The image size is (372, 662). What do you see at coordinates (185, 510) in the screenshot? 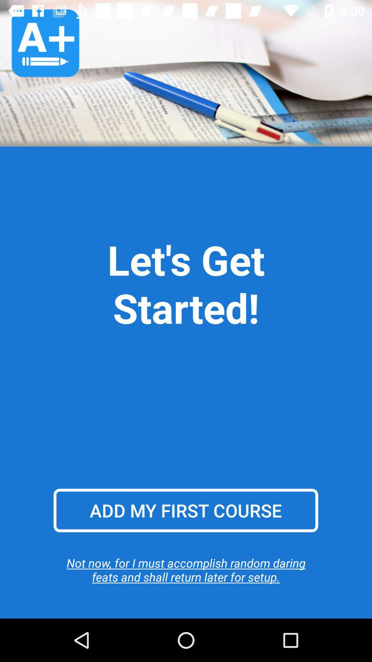
I see `icon below let s get item` at bounding box center [185, 510].